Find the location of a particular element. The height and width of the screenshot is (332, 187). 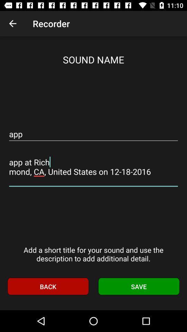

item to the left of the recorder is located at coordinates (12, 24).